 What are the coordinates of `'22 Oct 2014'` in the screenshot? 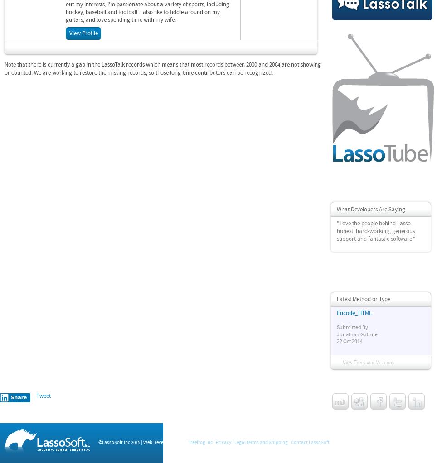 It's located at (350, 340).